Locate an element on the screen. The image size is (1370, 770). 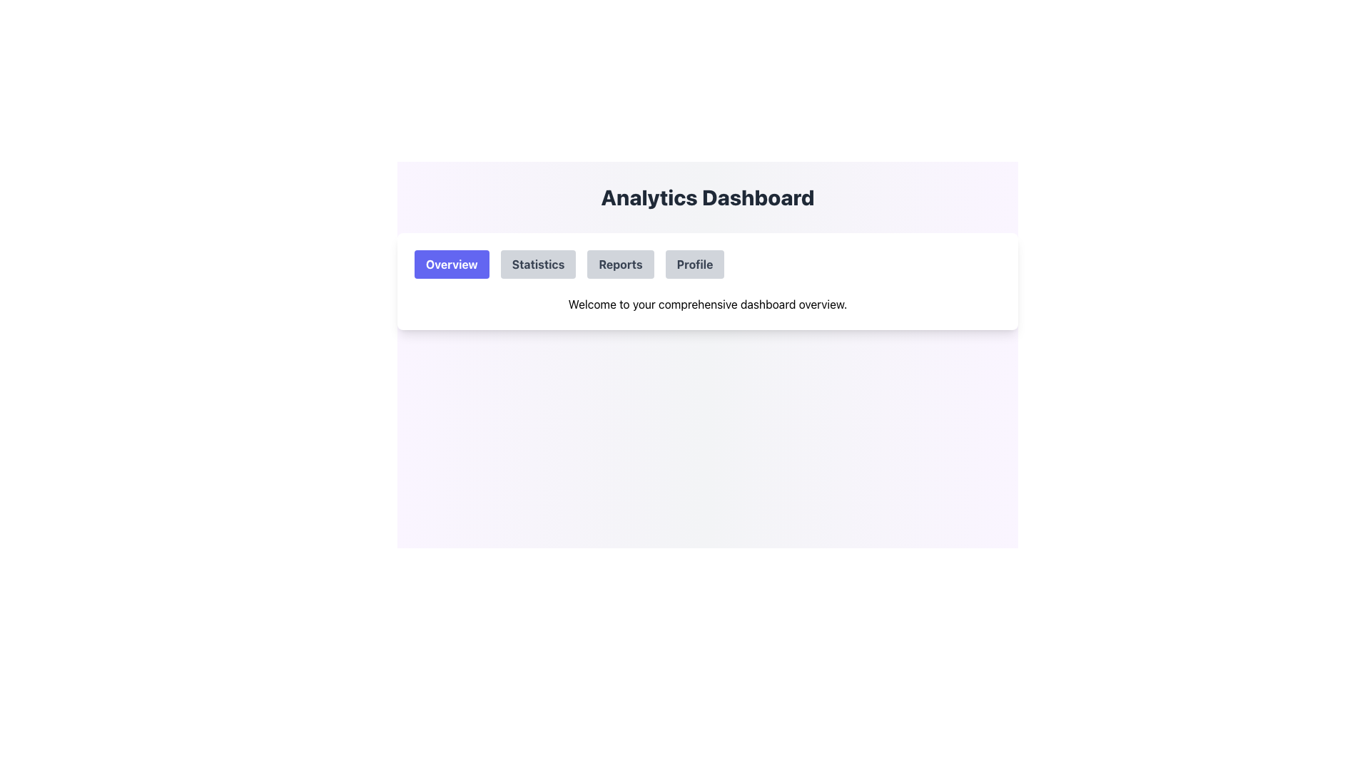
the 'Reports' button, which is a rectangular button with a light gray background and dark gray text is located at coordinates (620, 264).